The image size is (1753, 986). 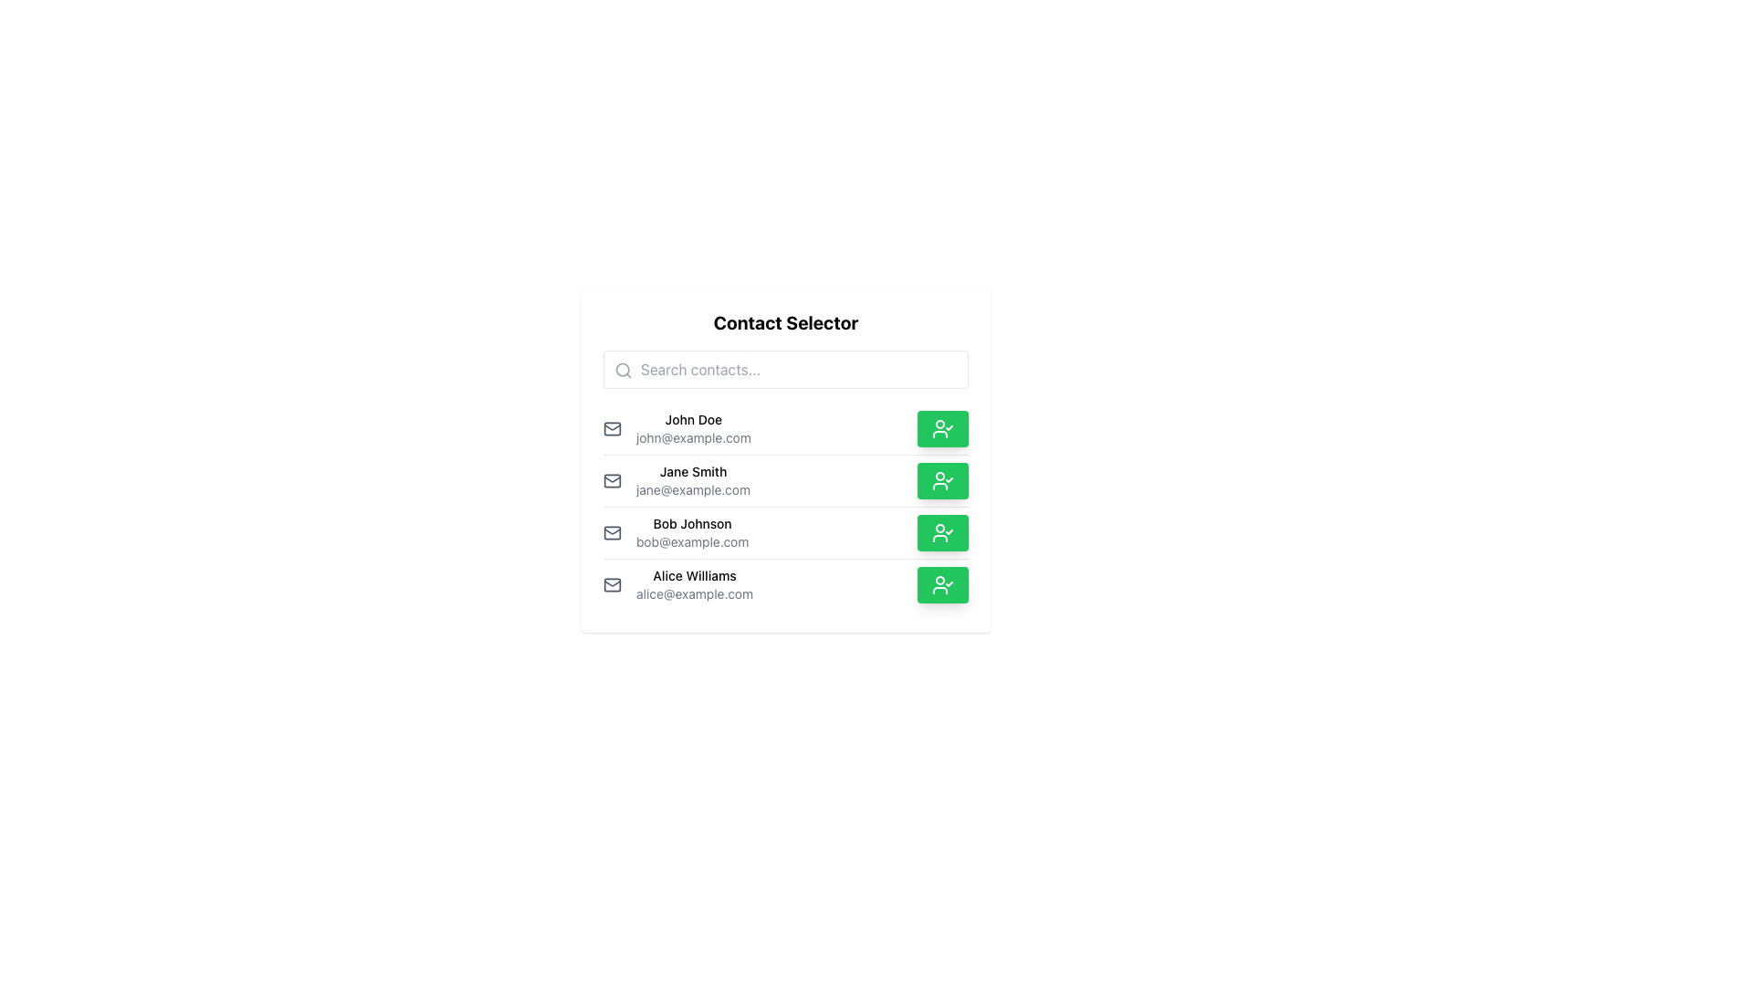 I want to click on the small gray envelope icon representing the contact 'Bob Johnson' located next to 'bob@example.com', so click(x=613, y=532).